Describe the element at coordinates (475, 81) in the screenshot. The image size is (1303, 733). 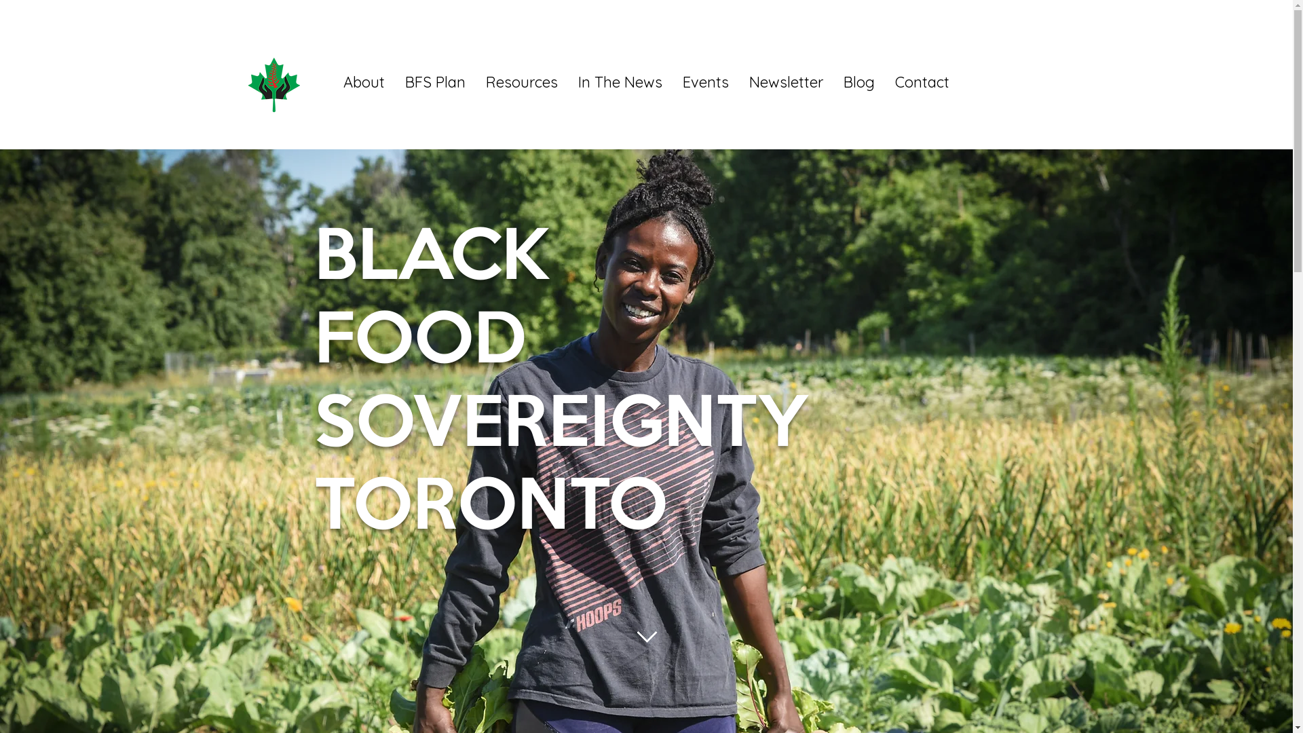
I see `'Resources'` at that location.